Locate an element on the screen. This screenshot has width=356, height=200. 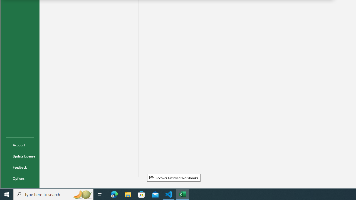
'File Explorer' is located at coordinates (128, 194).